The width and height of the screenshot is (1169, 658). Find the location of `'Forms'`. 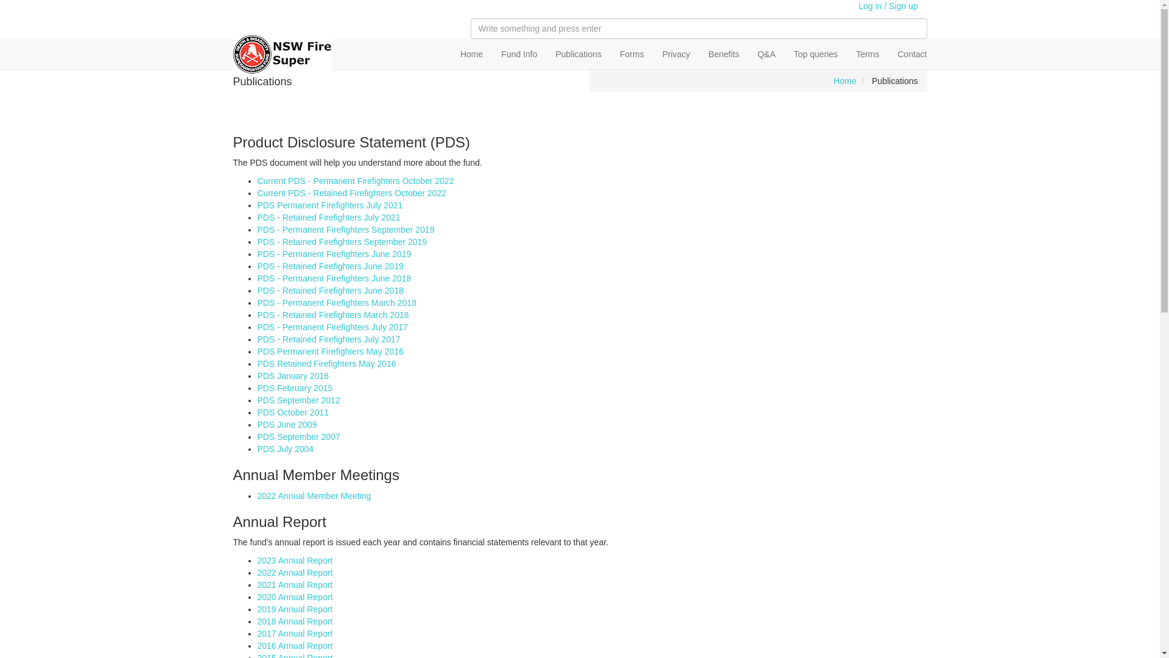

'Forms' is located at coordinates (611, 53).